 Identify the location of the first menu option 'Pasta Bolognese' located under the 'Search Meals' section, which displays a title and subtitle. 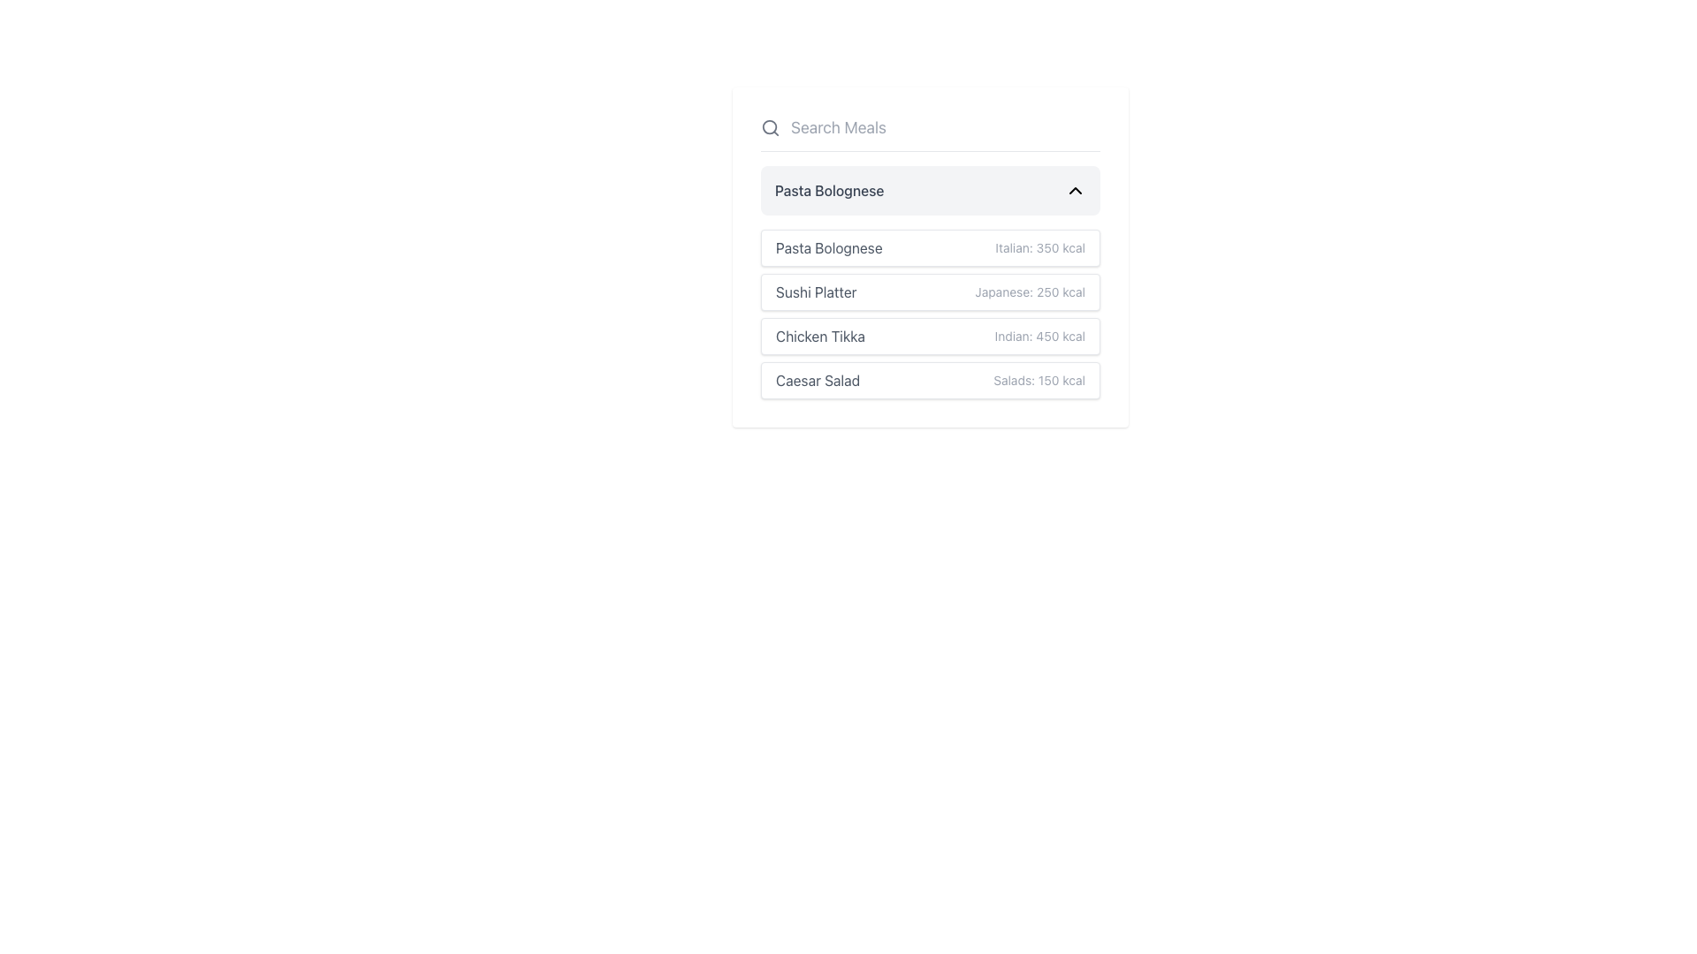
(929, 248).